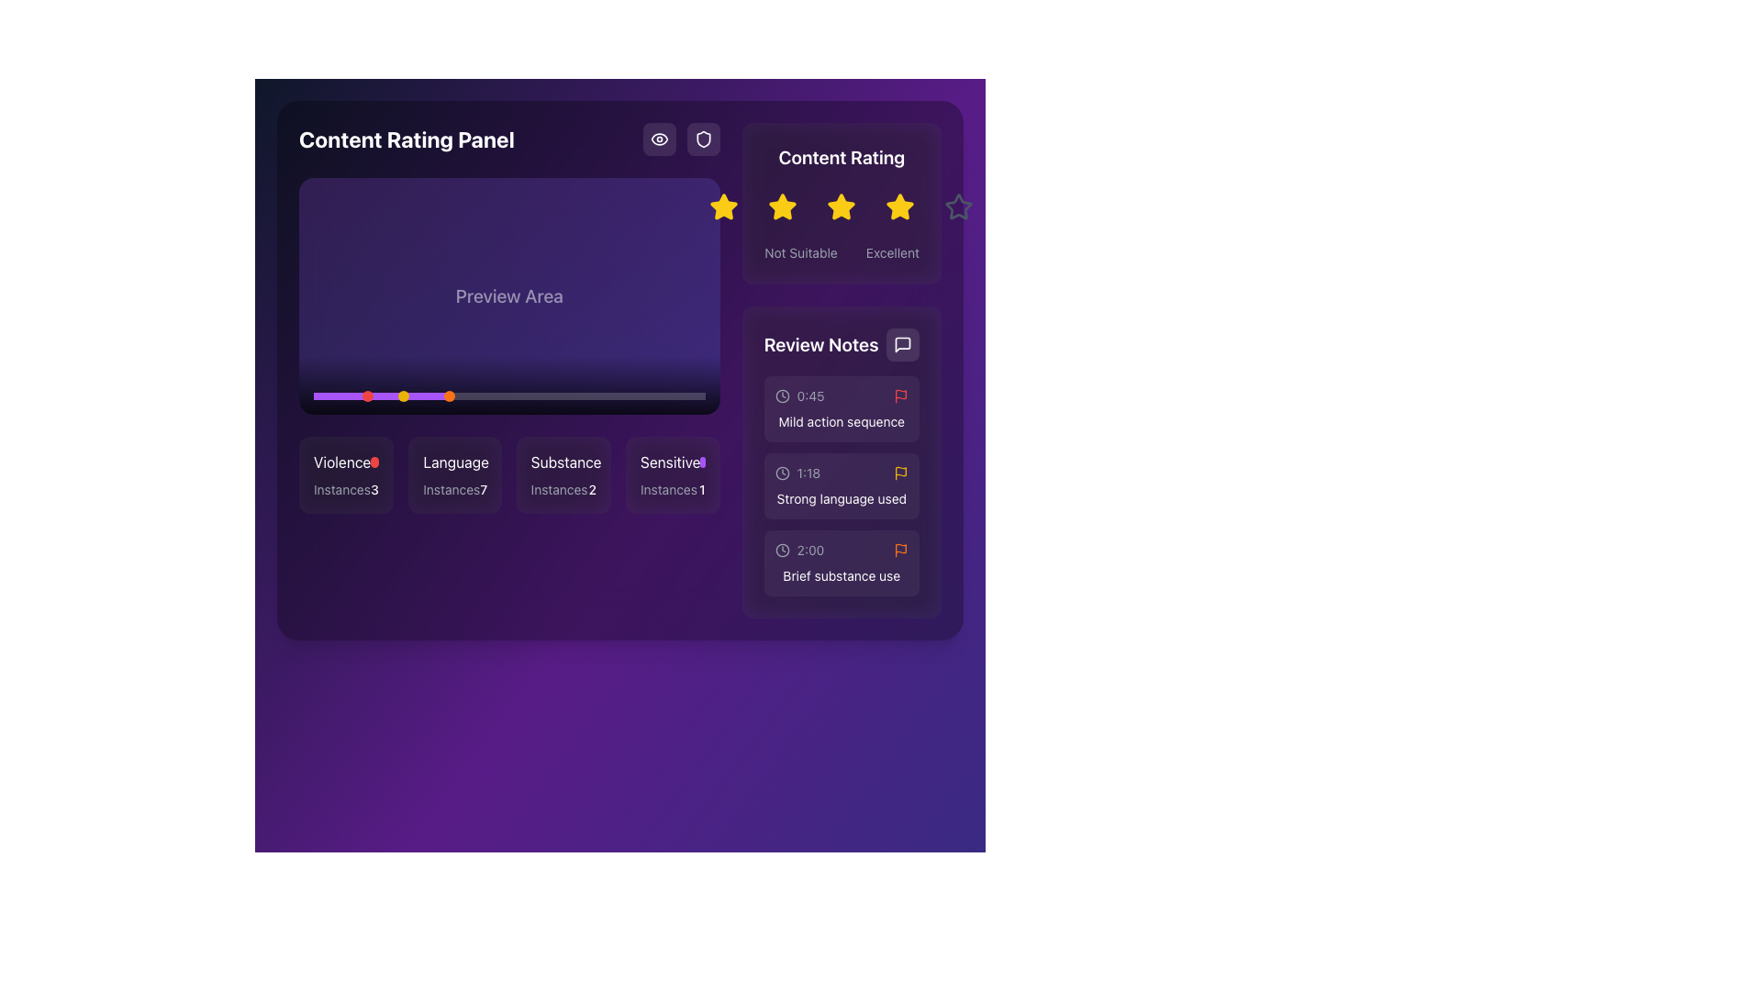  What do you see at coordinates (900, 206) in the screenshot?
I see `the fourth star rating button in the content rating panel` at bounding box center [900, 206].